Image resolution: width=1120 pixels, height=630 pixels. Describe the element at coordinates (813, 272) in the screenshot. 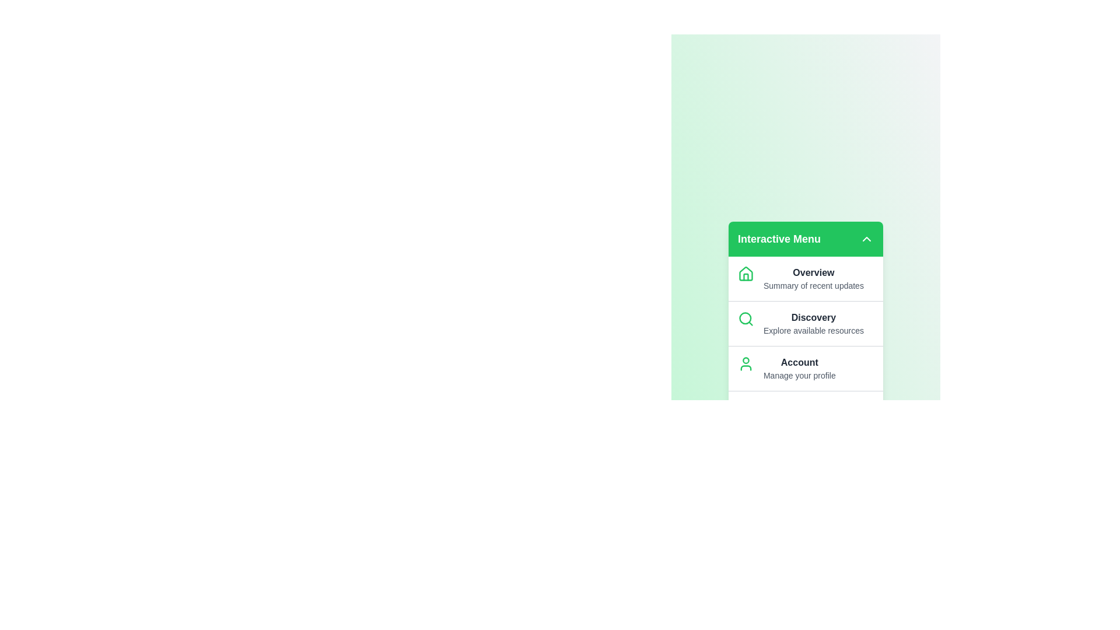

I see `the menu item labeled Overview to navigate to its section` at that location.